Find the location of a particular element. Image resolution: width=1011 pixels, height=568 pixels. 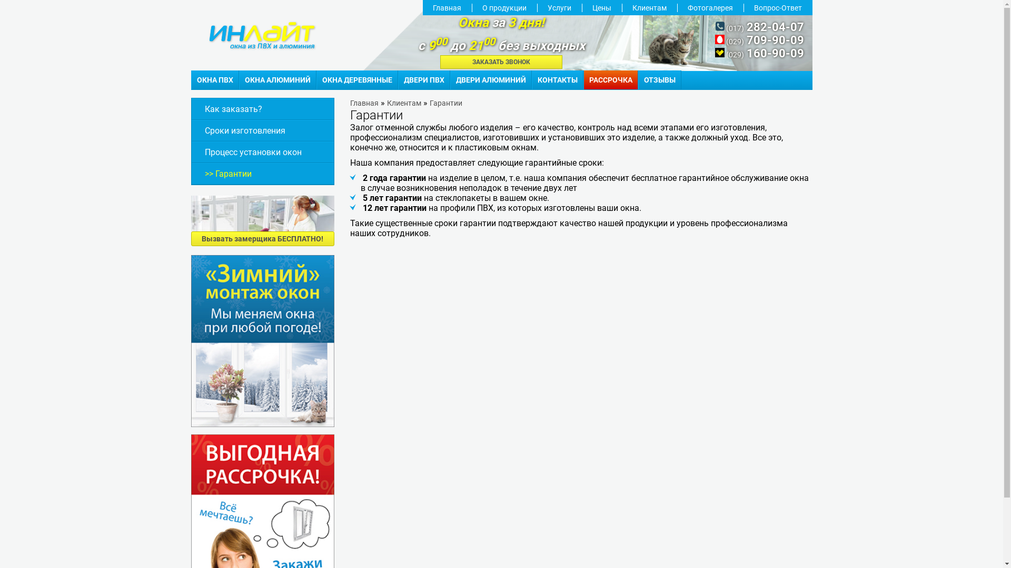

'(029) 160-90-09' is located at coordinates (759, 54).